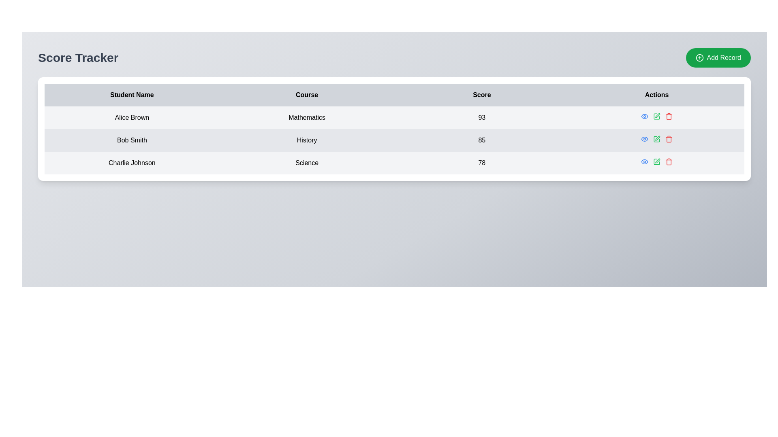  What do you see at coordinates (657, 117) in the screenshot?
I see `the green-colored pencil icon in the 'Actions' column of the second row in the table` at bounding box center [657, 117].